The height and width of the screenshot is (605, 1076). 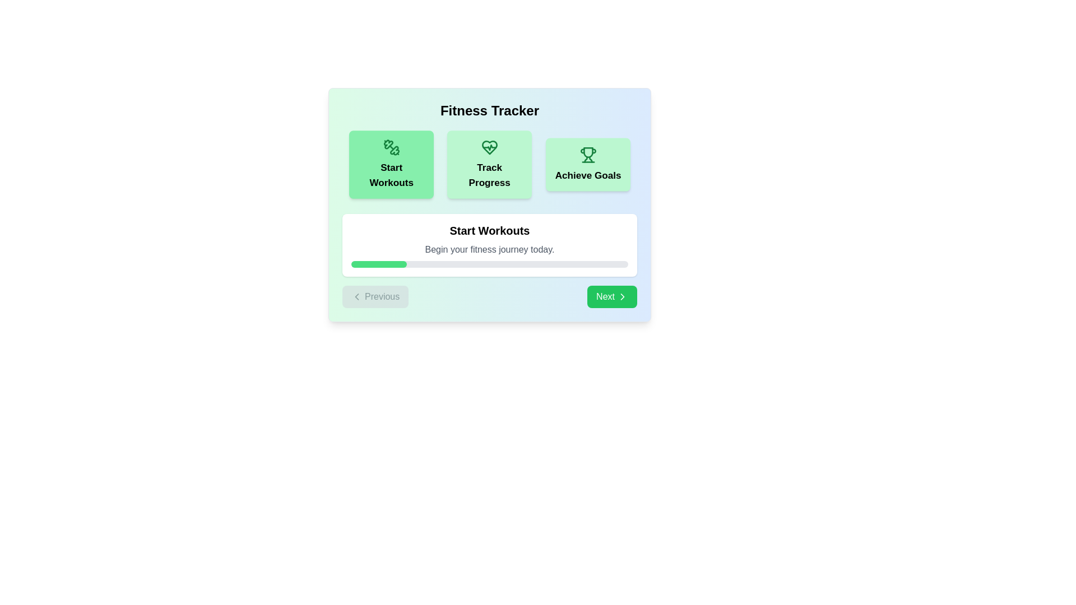 I want to click on the green heart icon representing 'Track Progress' functionality in the fitness tracking application, which is centrally located on the 'Track Progress' card, so click(x=489, y=147).